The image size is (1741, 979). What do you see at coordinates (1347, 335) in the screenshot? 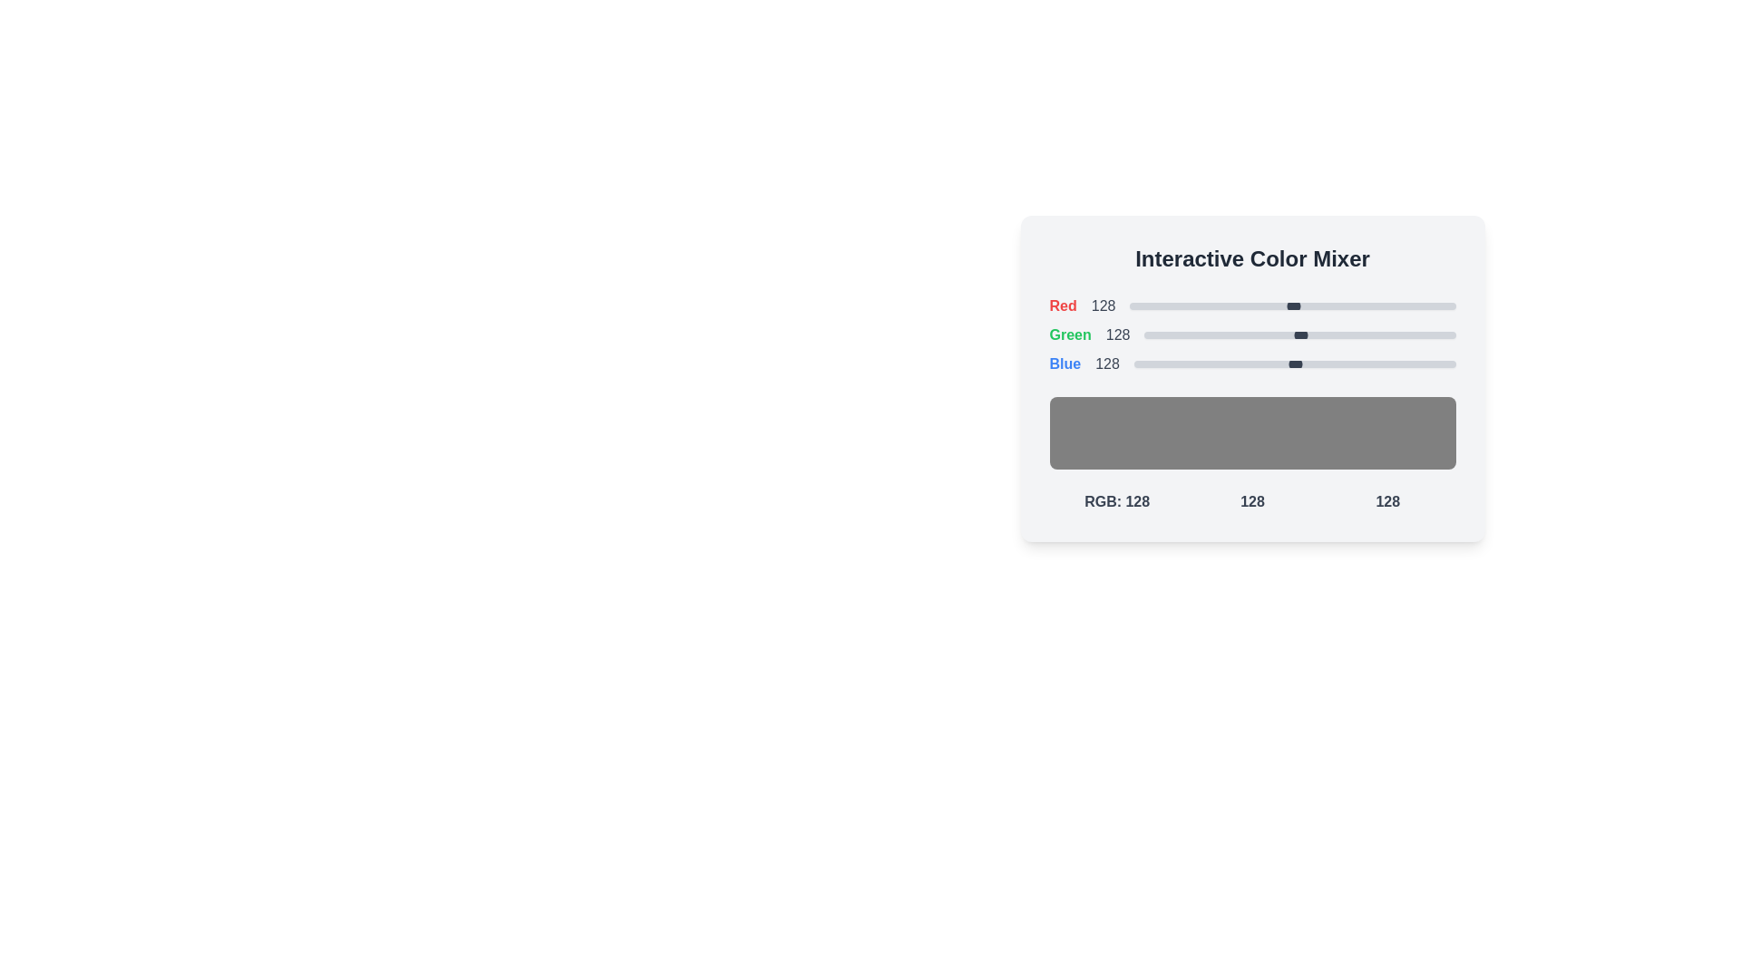
I see `the green color intensity` at bounding box center [1347, 335].